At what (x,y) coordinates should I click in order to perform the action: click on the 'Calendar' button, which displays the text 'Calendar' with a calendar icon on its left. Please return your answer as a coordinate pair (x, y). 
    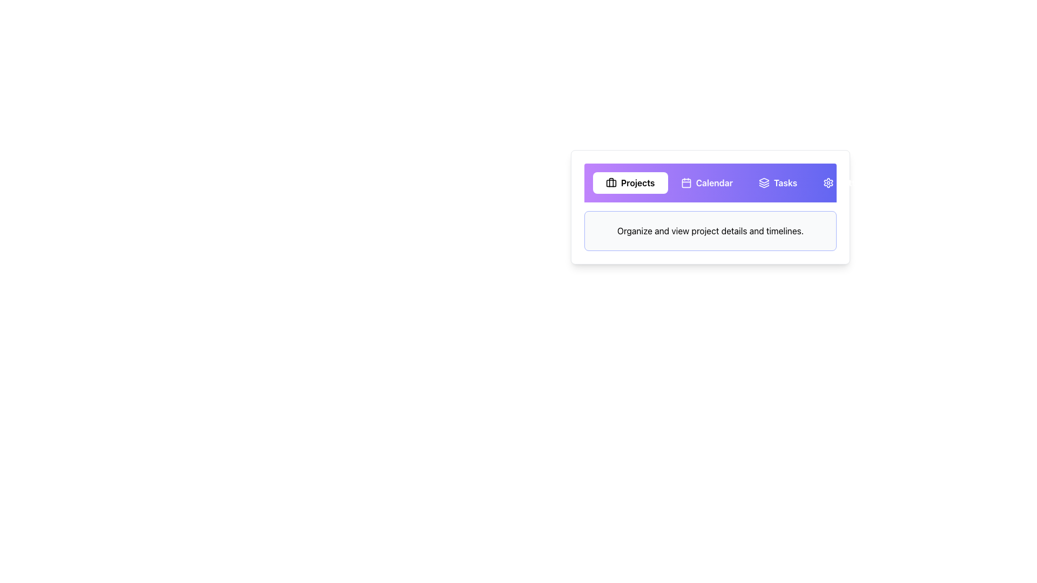
    Looking at the image, I should click on (706, 182).